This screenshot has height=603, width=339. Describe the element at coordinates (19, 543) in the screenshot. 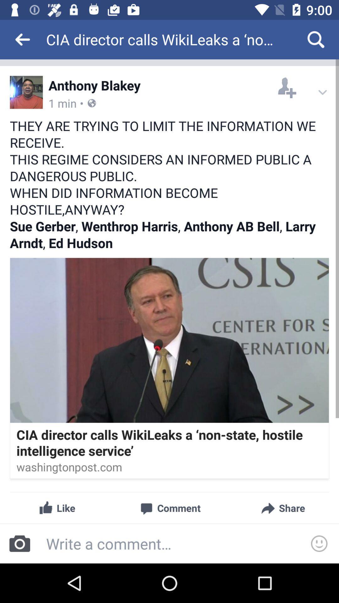

I see `the photo icon` at that location.